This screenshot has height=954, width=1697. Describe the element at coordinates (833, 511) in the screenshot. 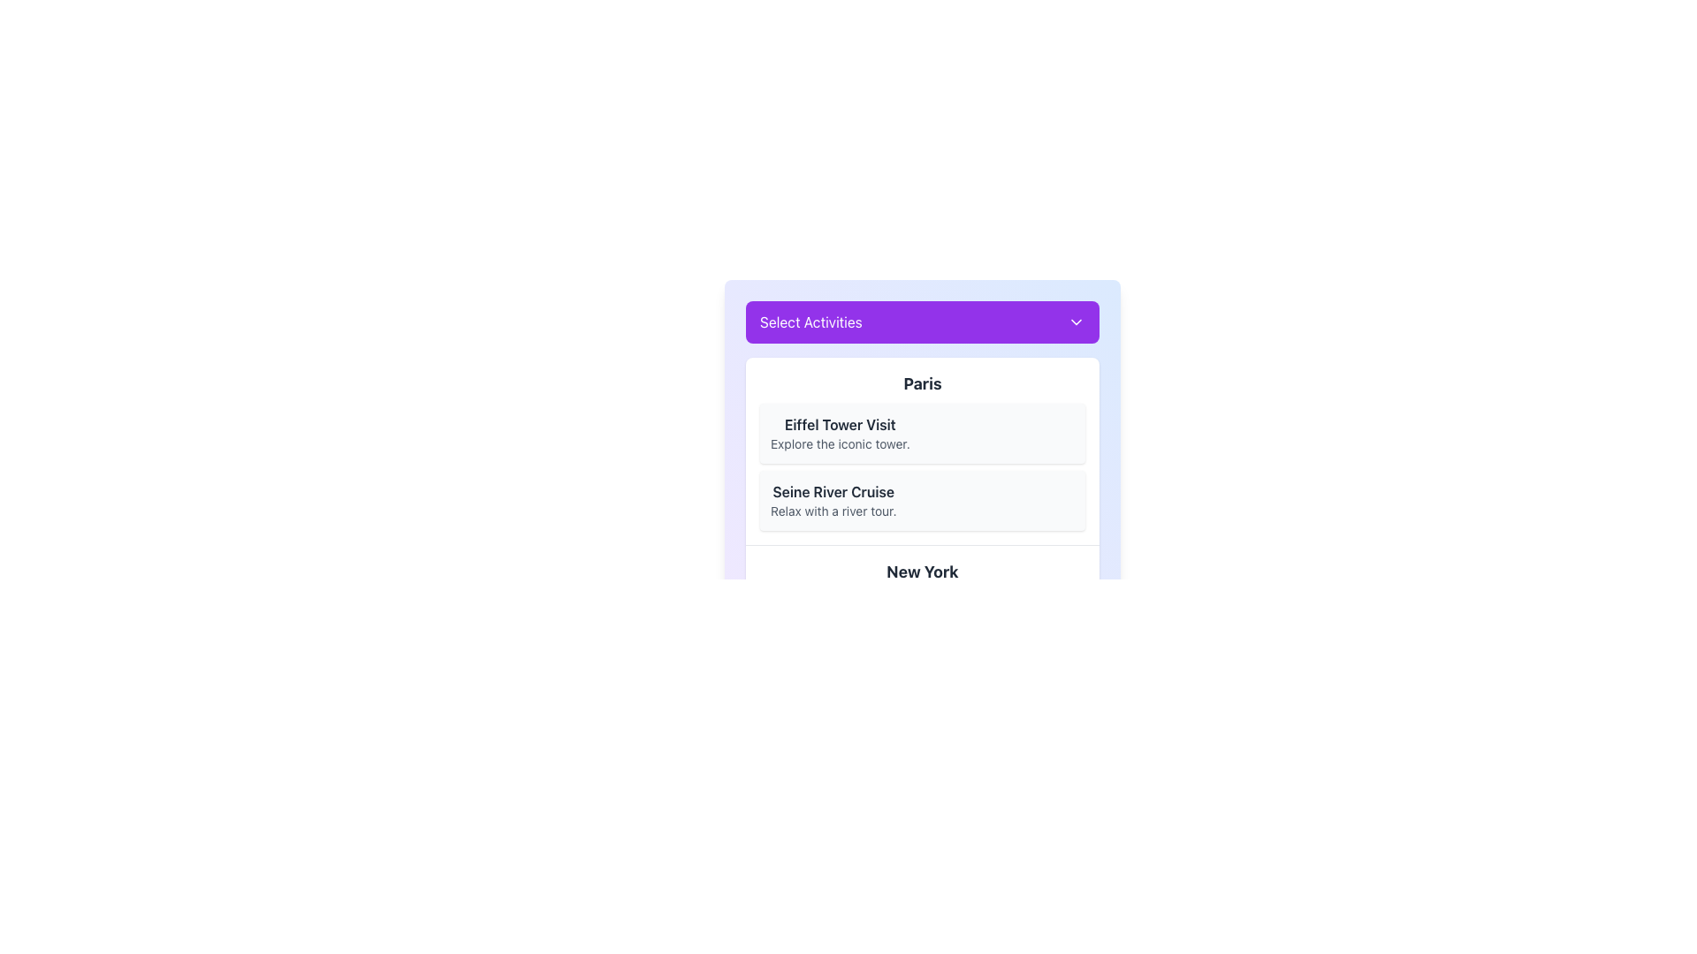

I see `the descriptive text label providing information about the 'Seine River Cruise' activity, positioned below the title in the Paris section of the page` at that location.